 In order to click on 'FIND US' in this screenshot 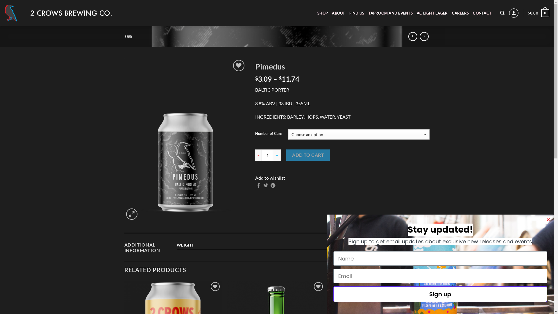, I will do `click(357, 13)`.